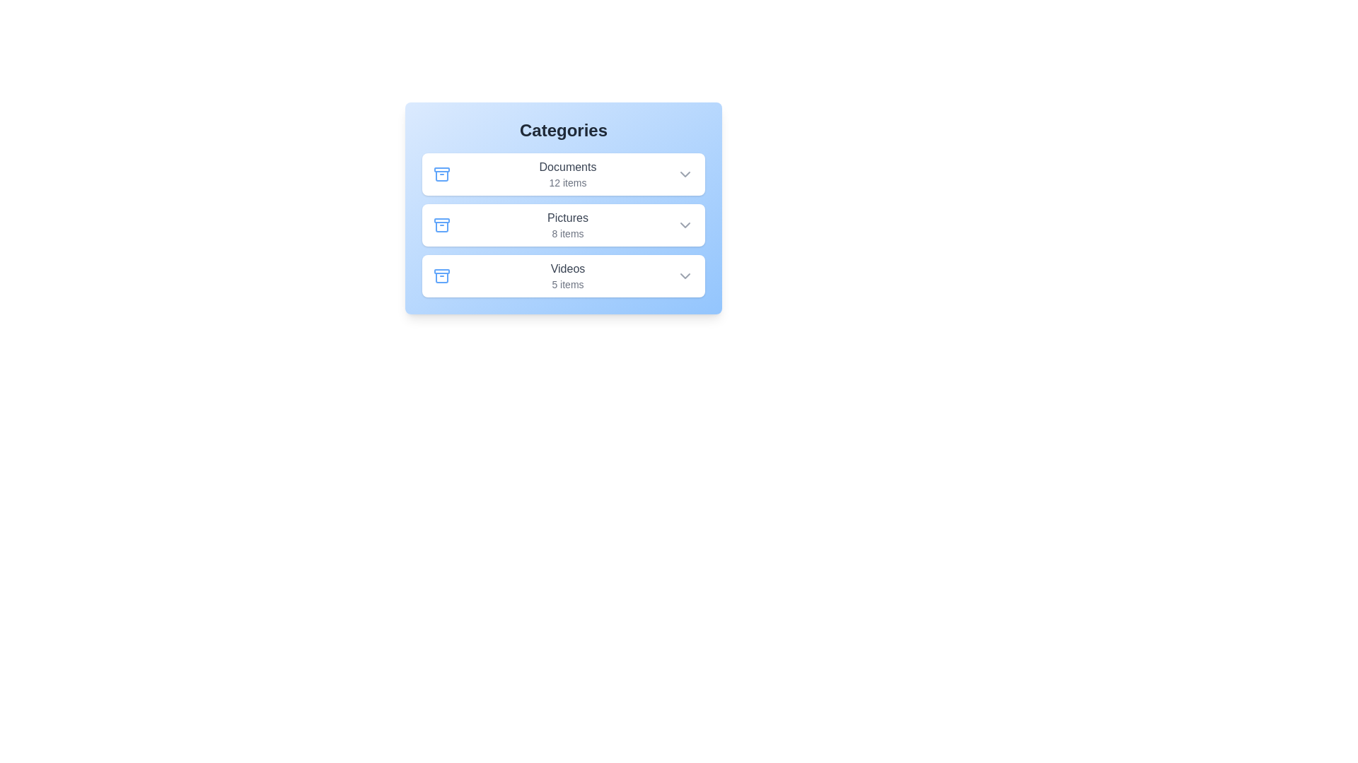  Describe the element at coordinates (562, 276) in the screenshot. I see `the category item Videos to highlight it` at that location.